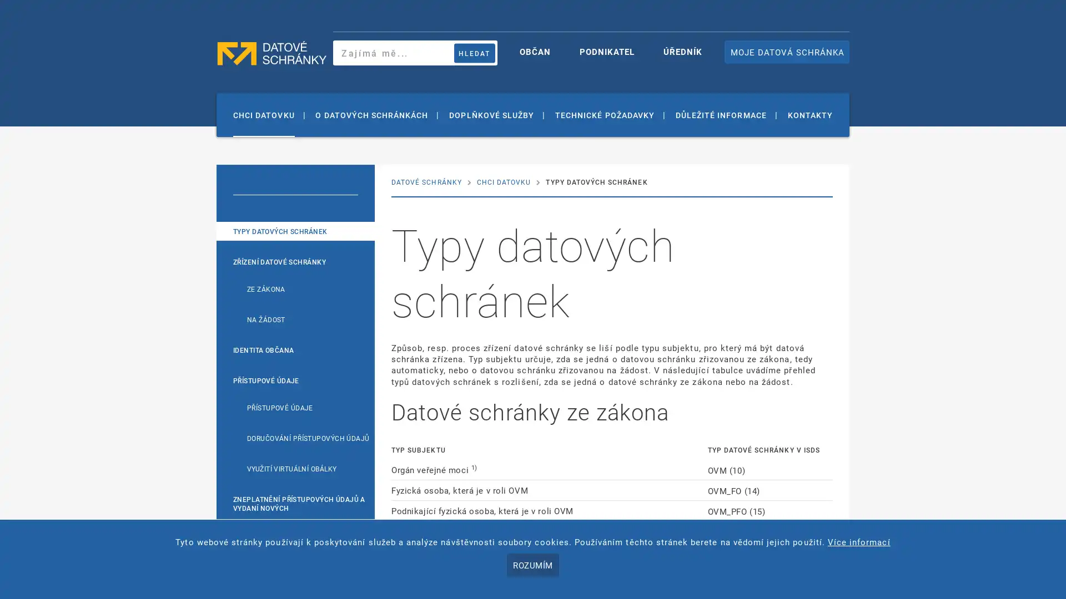 The image size is (1066, 599). What do you see at coordinates (474, 53) in the screenshot?
I see `Hledat` at bounding box center [474, 53].